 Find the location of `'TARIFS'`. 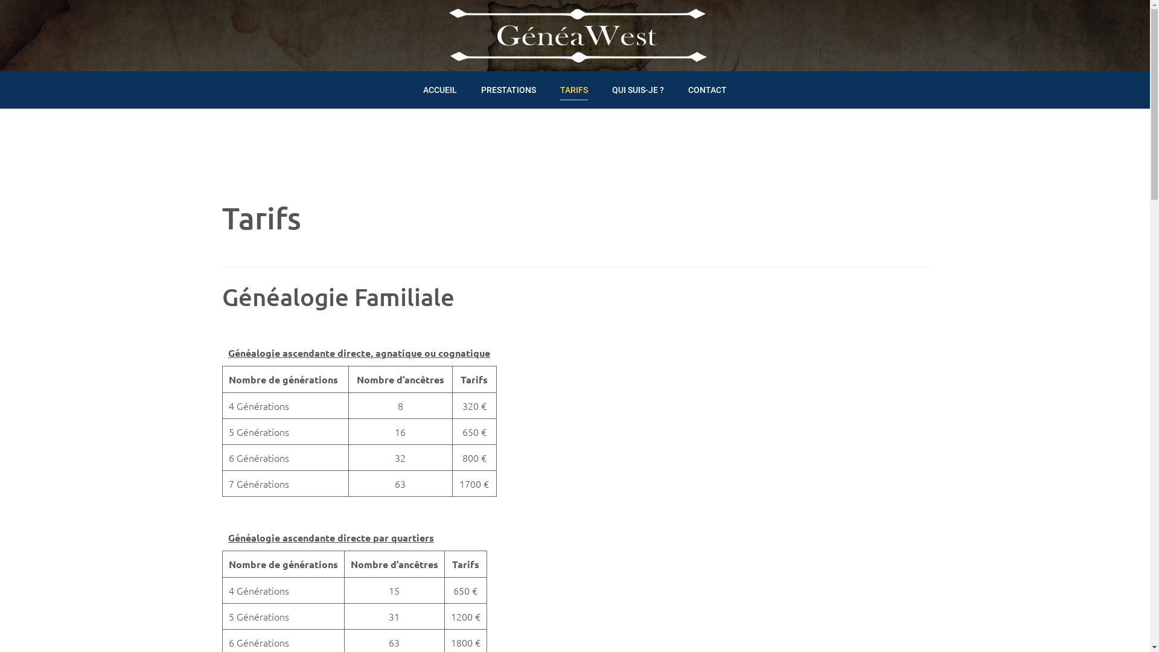

'TARIFS' is located at coordinates (573, 86).